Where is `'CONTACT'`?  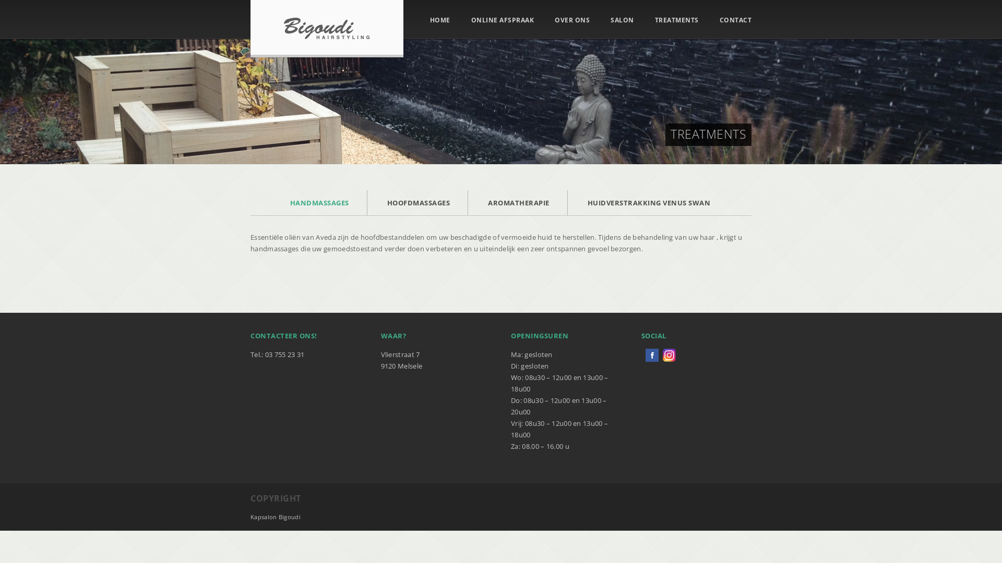
'CONTACT' is located at coordinates (735, 20).